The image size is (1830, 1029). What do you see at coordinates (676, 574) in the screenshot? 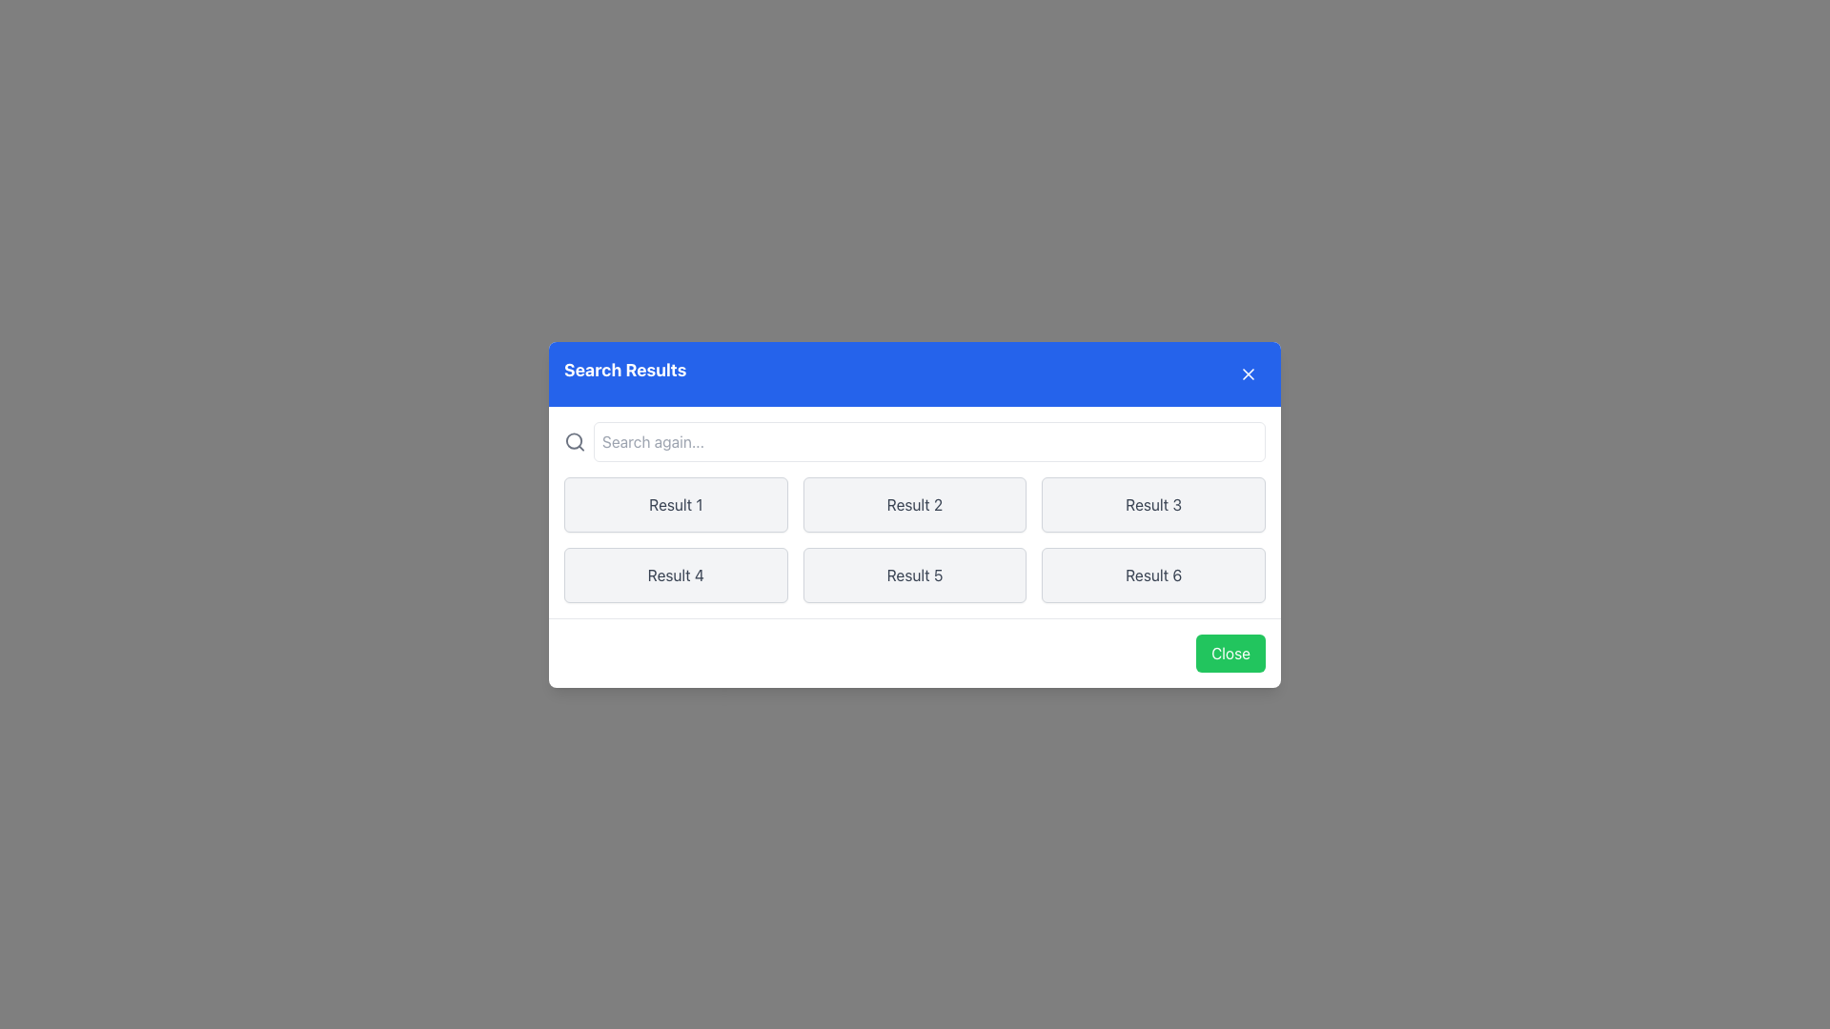
I see `the text label that identifies the content of the fourth result button in the grid, located beneath 'Result 1'` at bounding box center [676, 574].